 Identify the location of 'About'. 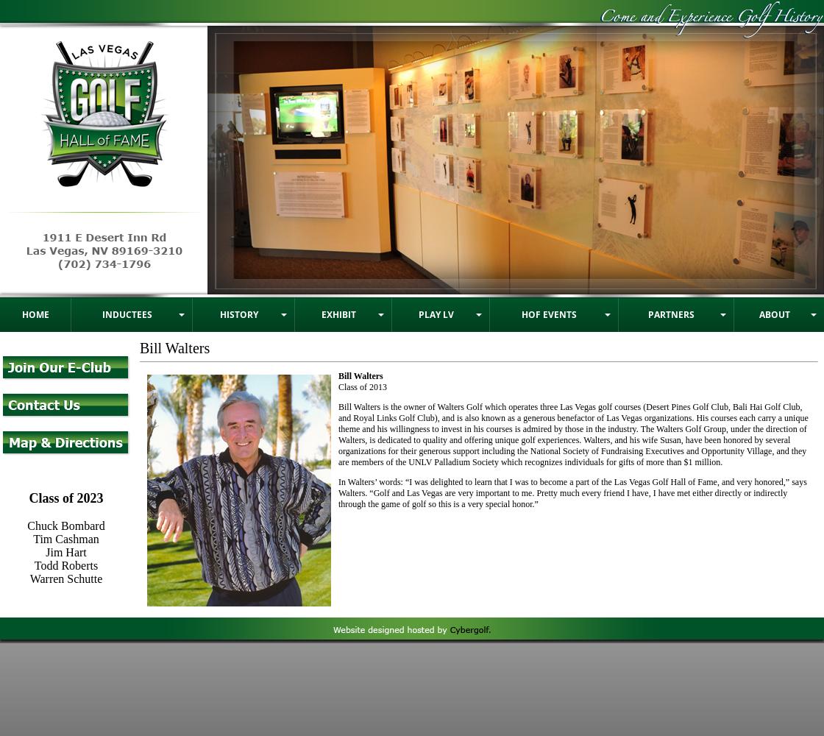
(774, 314).